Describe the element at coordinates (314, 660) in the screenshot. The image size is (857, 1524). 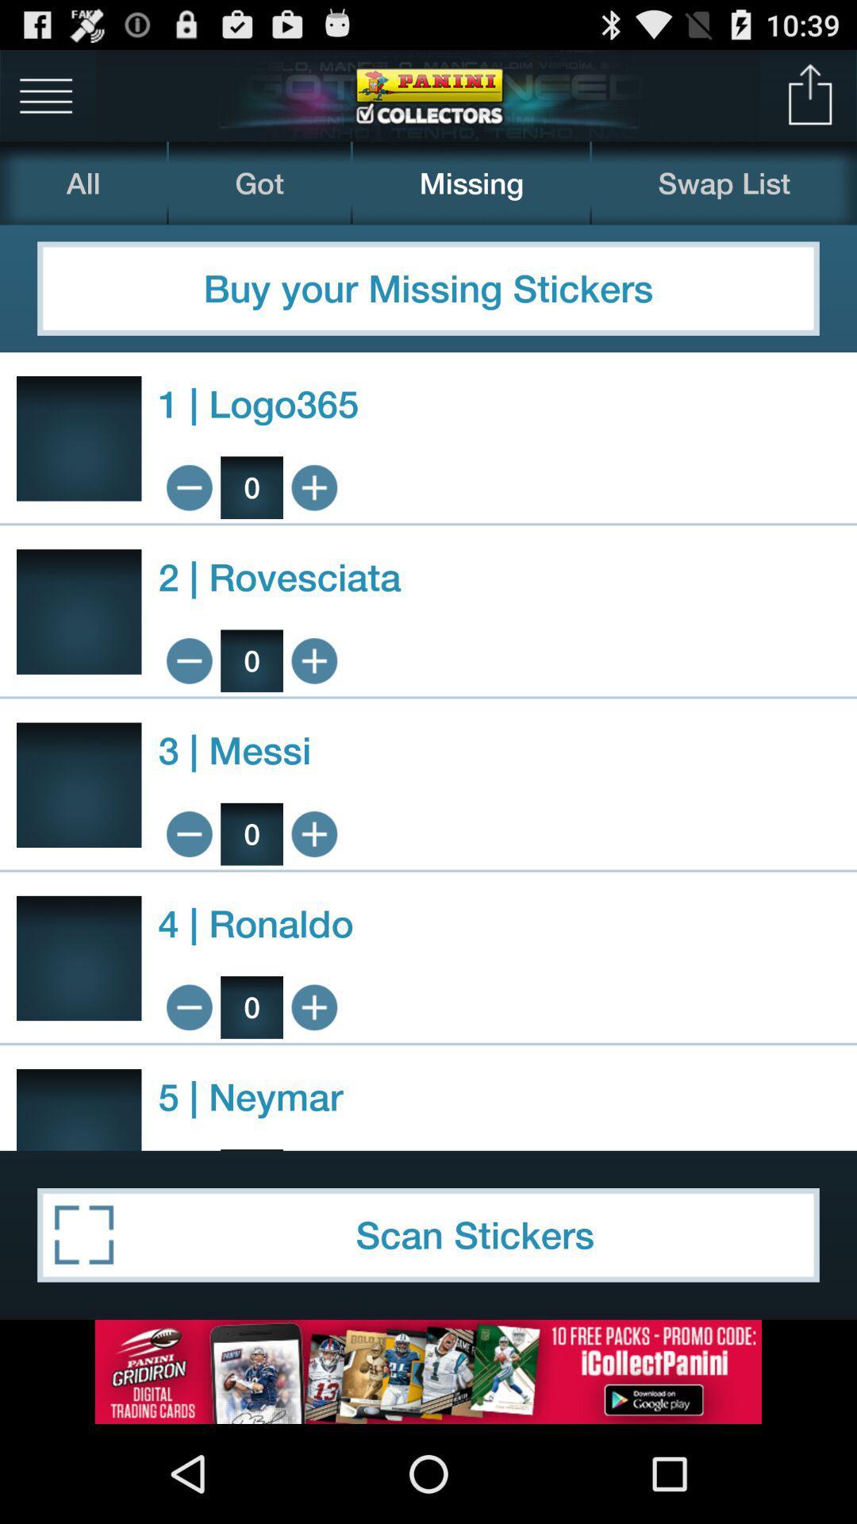
I see `sticker add icon` at that location.